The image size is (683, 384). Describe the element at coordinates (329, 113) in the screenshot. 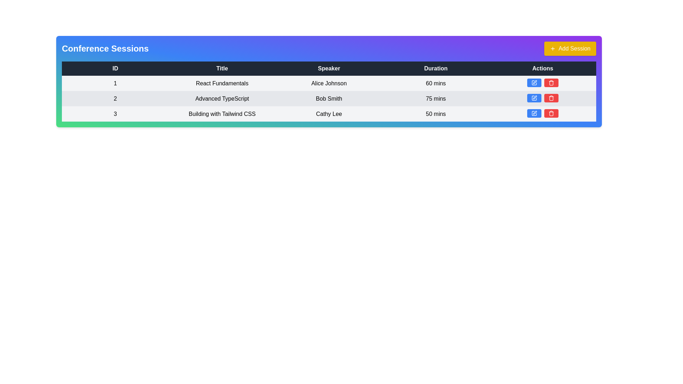

I see `the third row in the conference schedule table, which contains session details and actions for editing or deleting the session` at that location.